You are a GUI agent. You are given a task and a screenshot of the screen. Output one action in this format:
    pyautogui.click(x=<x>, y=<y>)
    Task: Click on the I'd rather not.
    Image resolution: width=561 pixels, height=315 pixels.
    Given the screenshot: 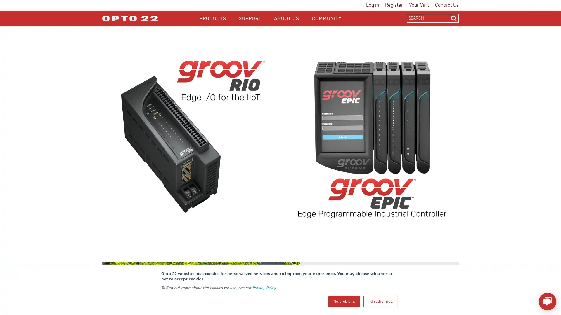 What is the action you would take?
    pyautogui.click(x=380, y=301)
    